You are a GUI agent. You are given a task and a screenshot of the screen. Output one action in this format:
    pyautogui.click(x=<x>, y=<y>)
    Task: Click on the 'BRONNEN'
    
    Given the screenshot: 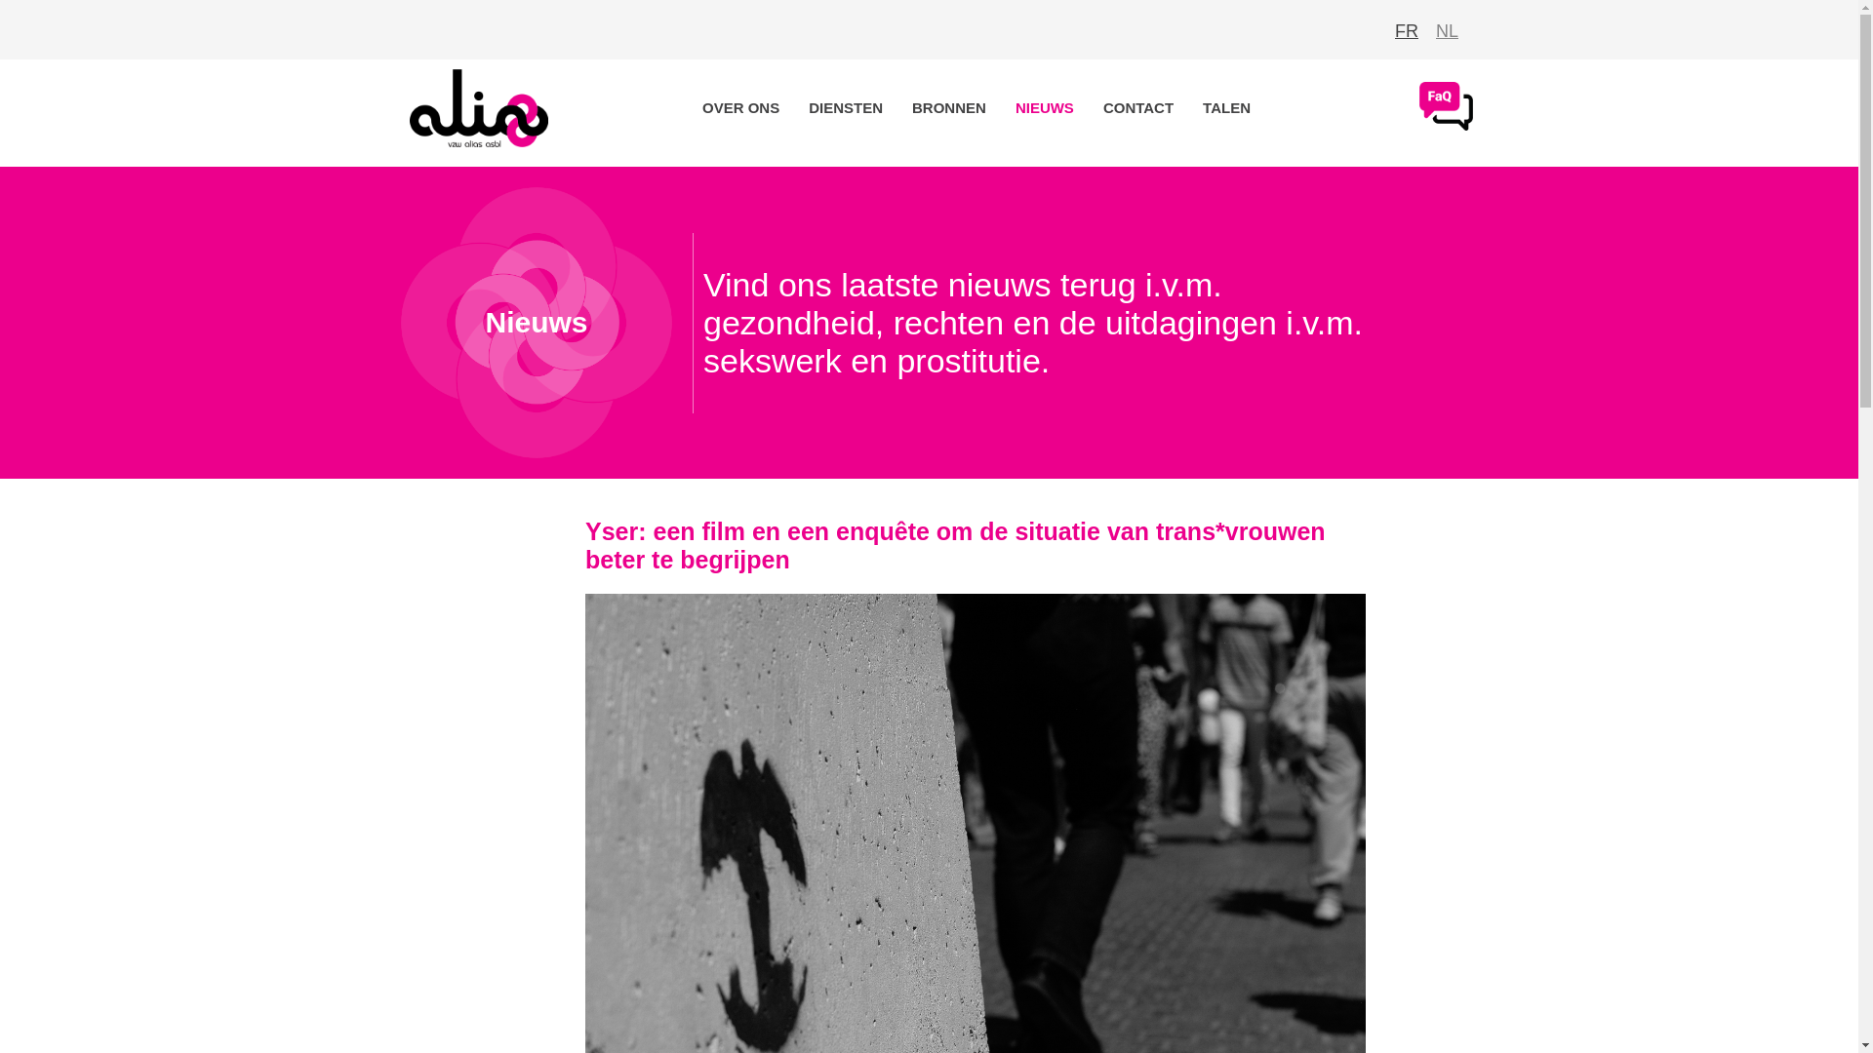 What is the action you would take?
    pyautogui.click(x=949, y=107)
    